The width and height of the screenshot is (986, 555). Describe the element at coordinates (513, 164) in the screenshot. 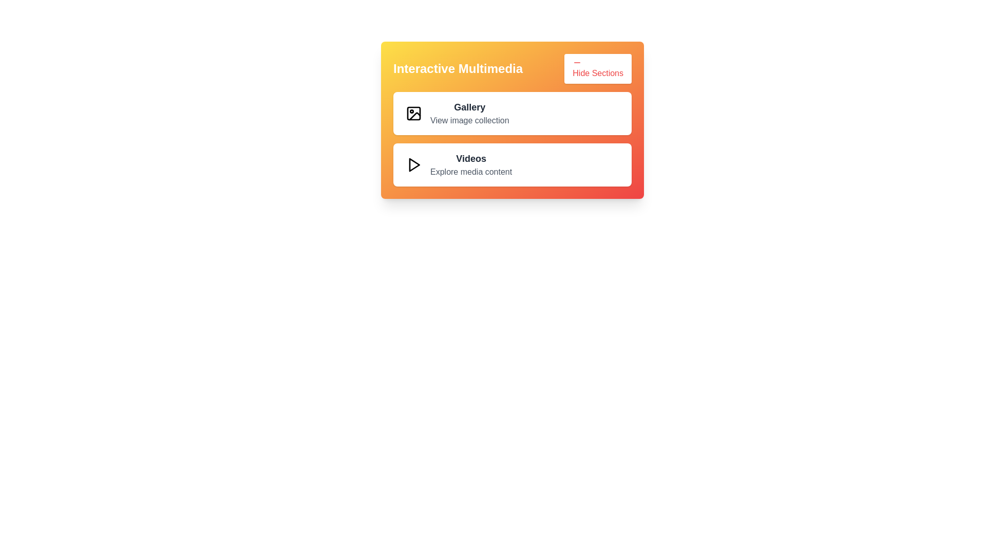

I see `the second media card labeled 'Videos' in the 'Interactive Multimedia' section` at that location.